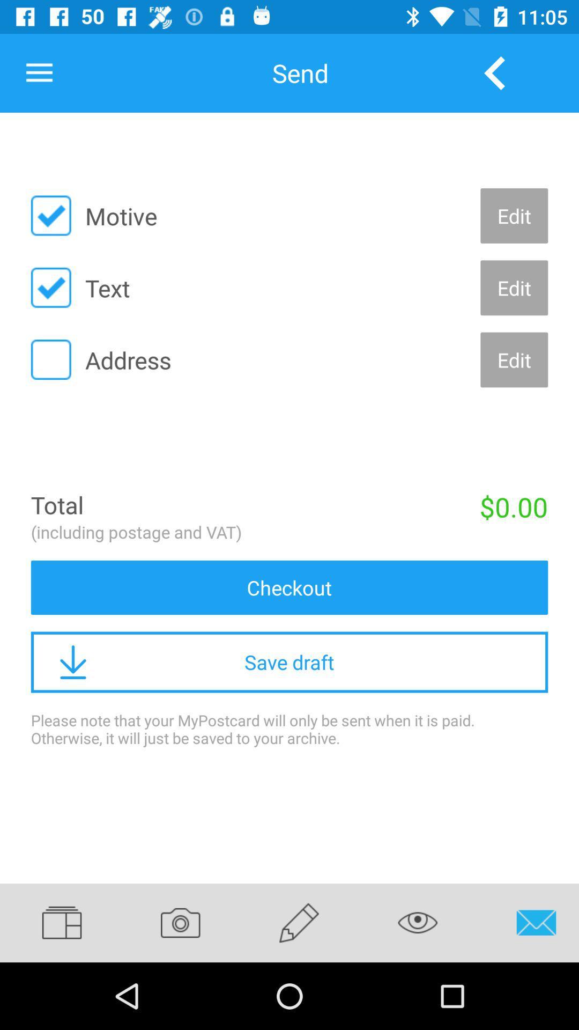  I want to click on item below please note that item, so click(72, 922).